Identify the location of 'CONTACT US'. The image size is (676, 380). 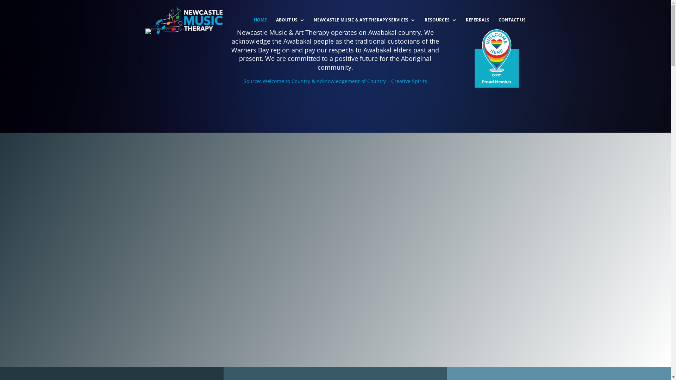
(512, 28).